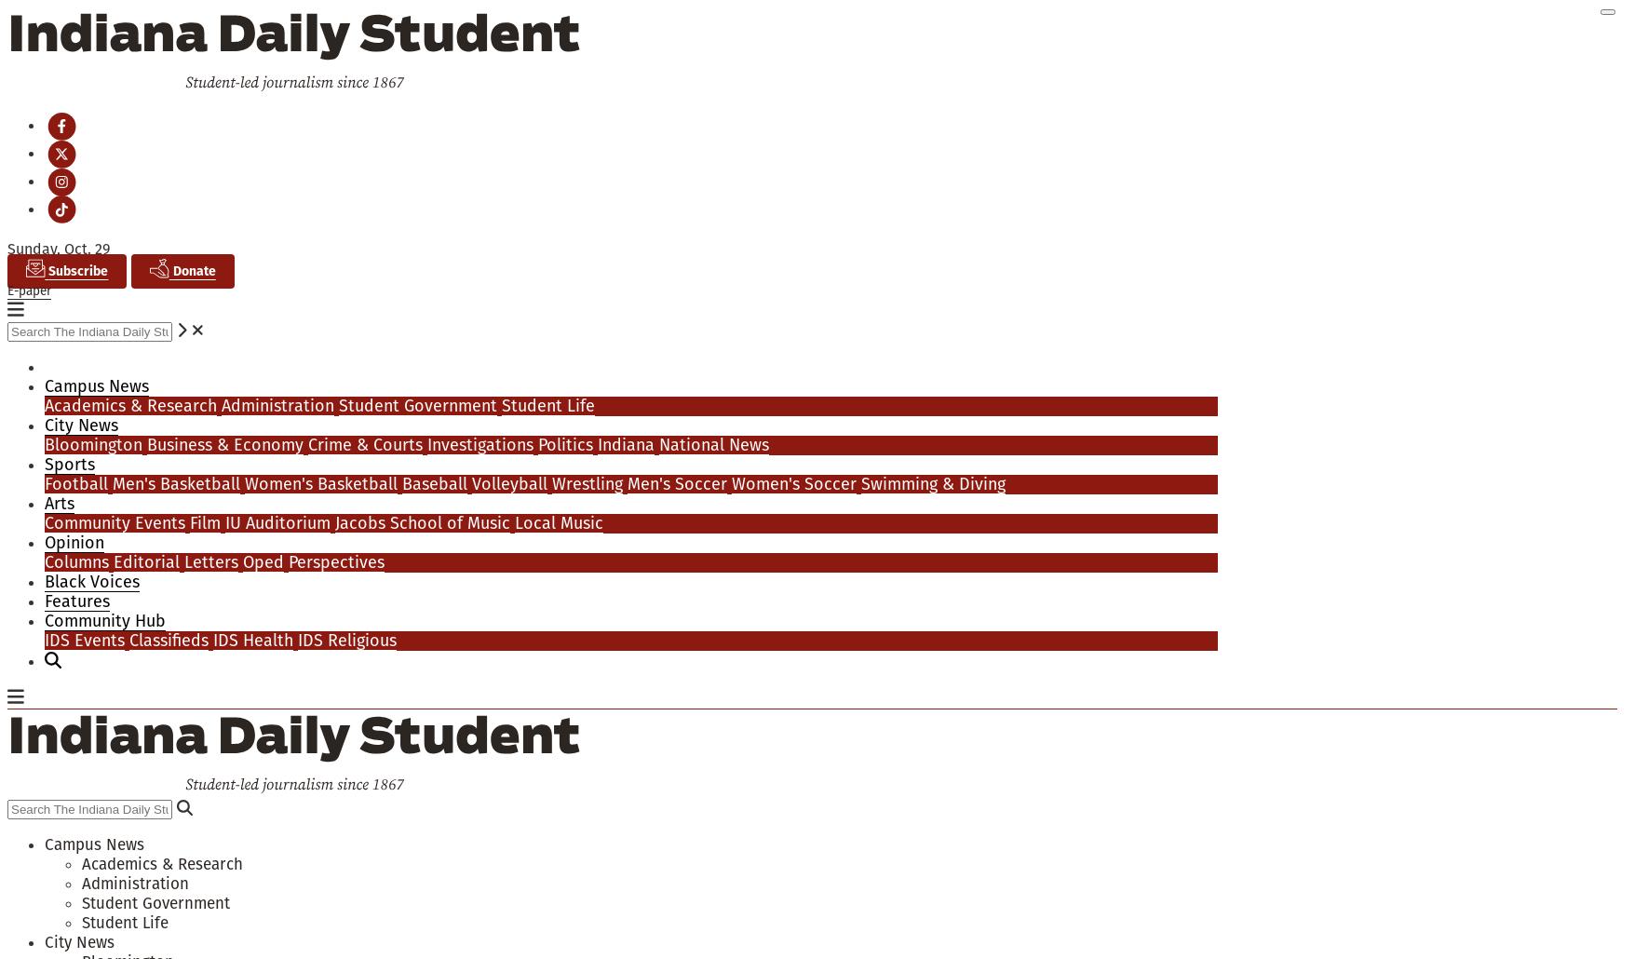 The width and height of the screenshot is (1648, 959). Describe the element at coordinates (90, 579) in the screenshot. I see `'Black Voices'` at that location.